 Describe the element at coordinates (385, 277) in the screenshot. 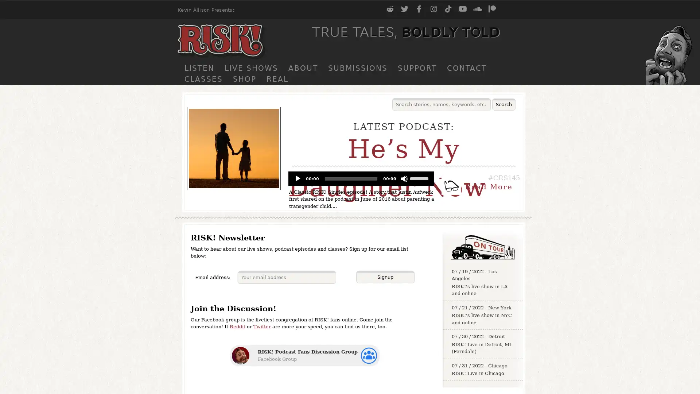

I see `Signup` at that location.